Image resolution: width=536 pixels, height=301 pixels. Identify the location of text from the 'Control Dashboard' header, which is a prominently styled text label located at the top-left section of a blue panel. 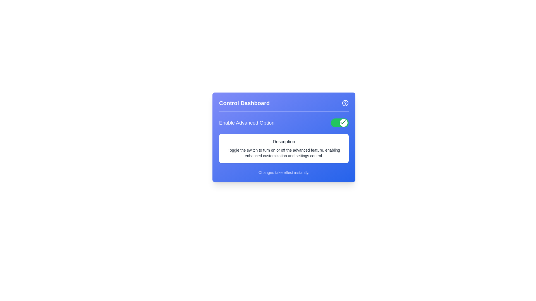
(244, 103).